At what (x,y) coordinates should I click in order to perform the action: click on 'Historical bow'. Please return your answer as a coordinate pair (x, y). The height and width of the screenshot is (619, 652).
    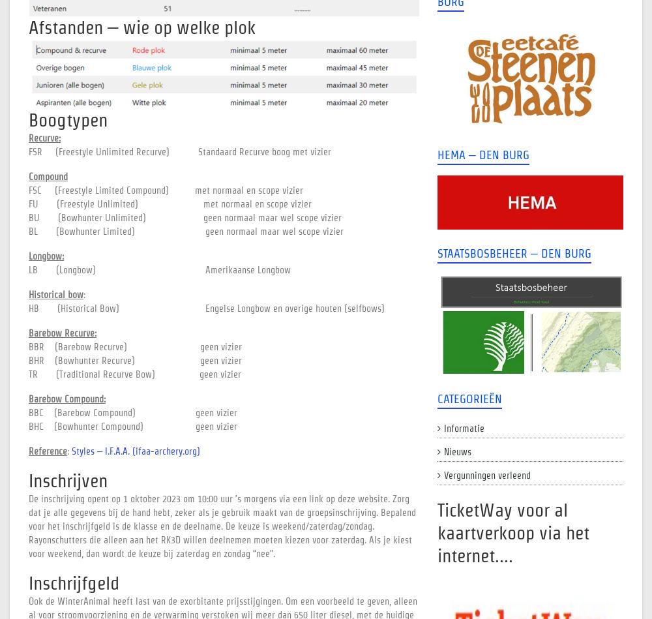
    Looking at the image, I should click on (55, 295).